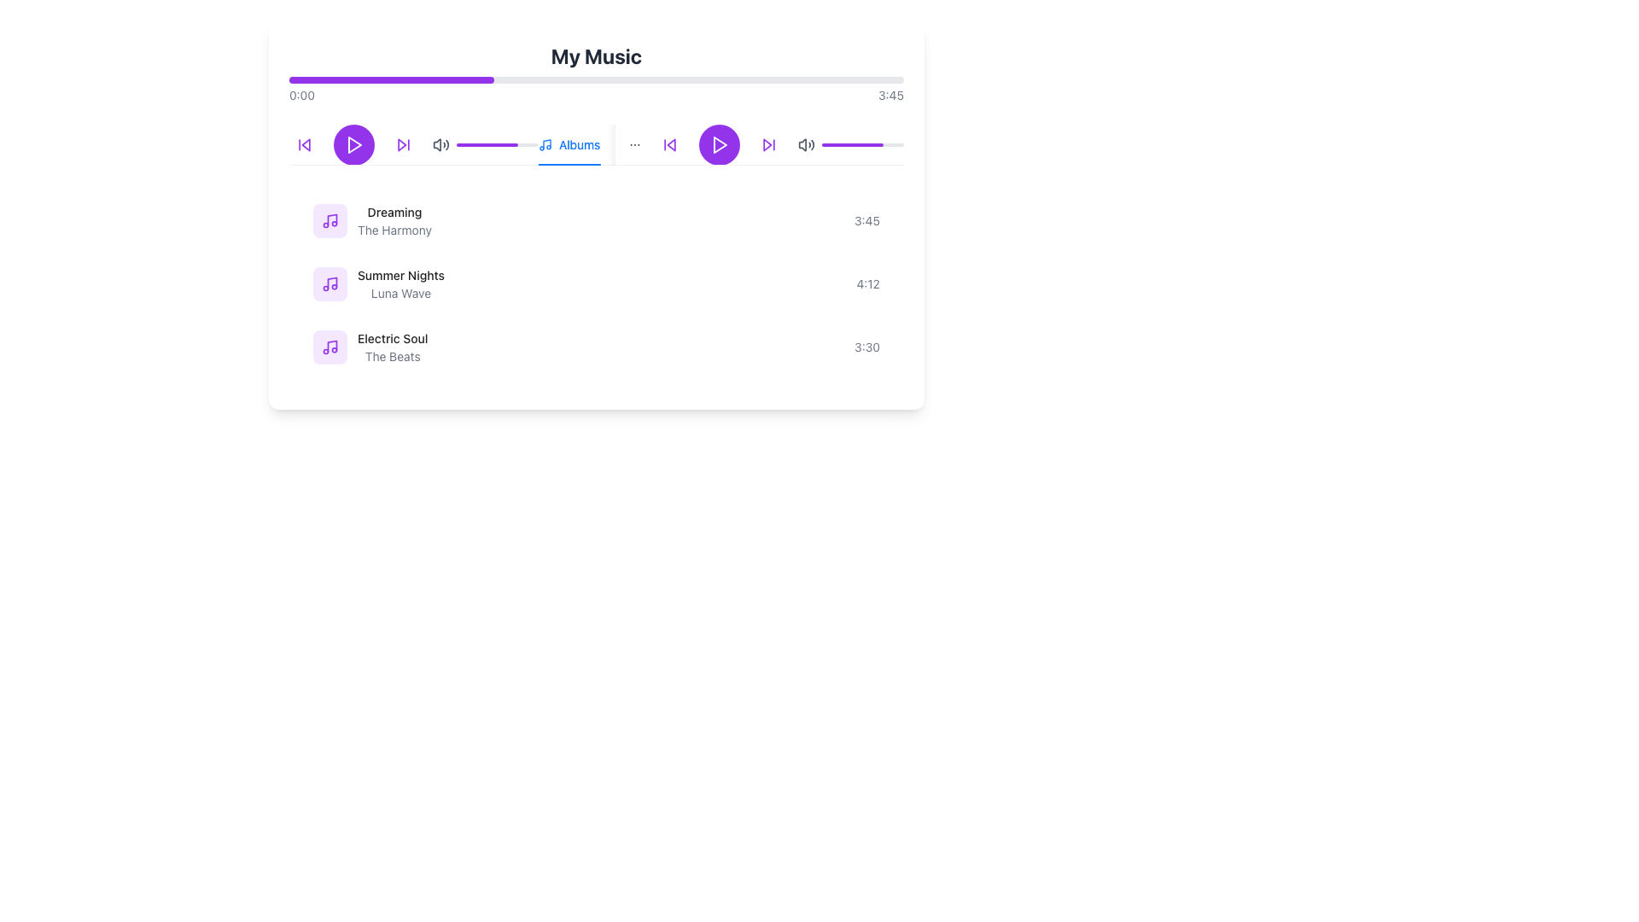 This screenshot has height=922, width=1639. I want to click on the forward-skip button, which is styled with a purple triangular play icon and located among the media control buttons in the music player interface, so click(403, 143).